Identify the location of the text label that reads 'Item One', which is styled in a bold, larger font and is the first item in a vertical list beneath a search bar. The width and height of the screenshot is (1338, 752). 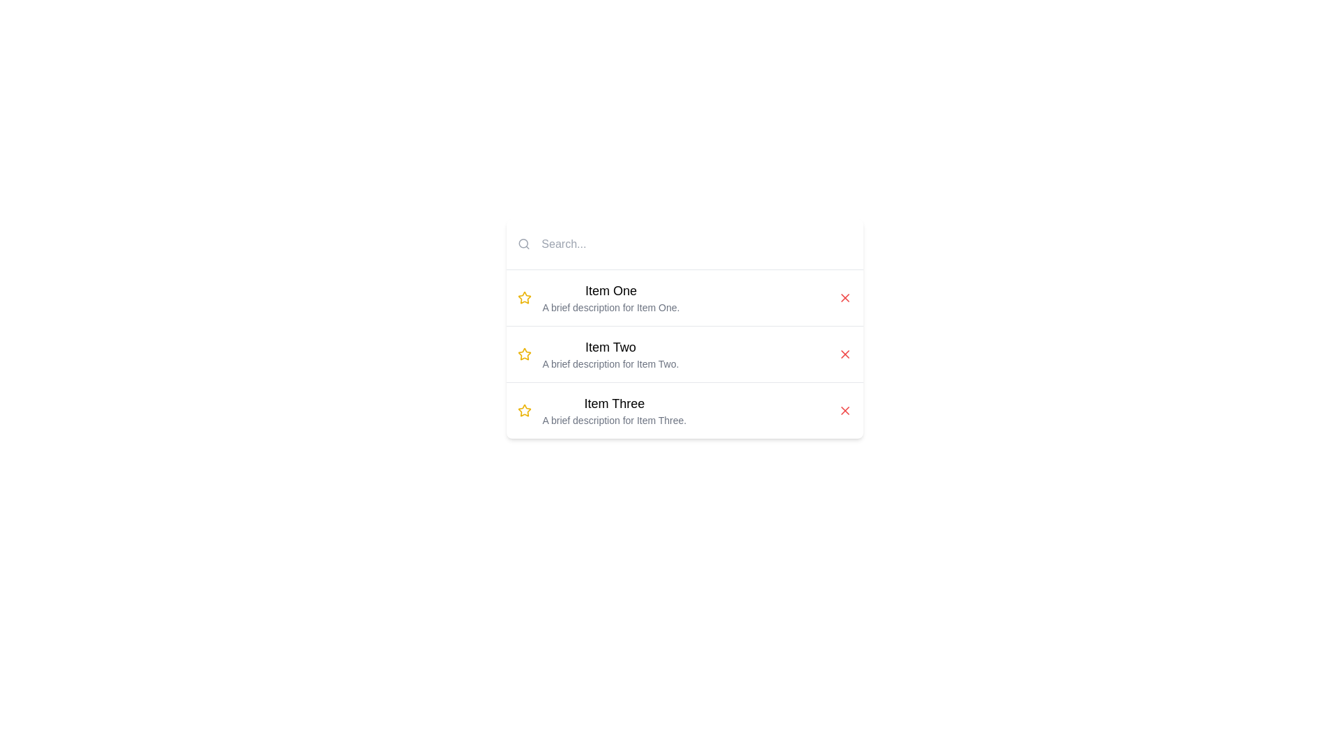
(610, 290).